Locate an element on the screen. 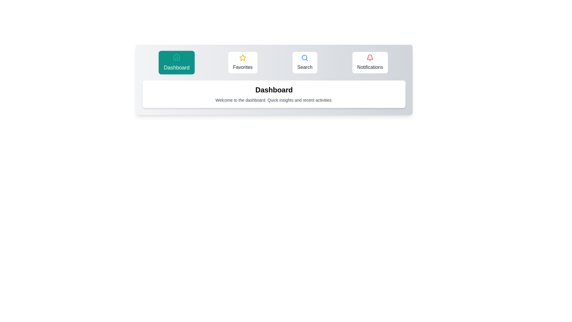 The image size is (572, 322). the Favorites tab by clicking on its button is located at coordinates (243, 62).